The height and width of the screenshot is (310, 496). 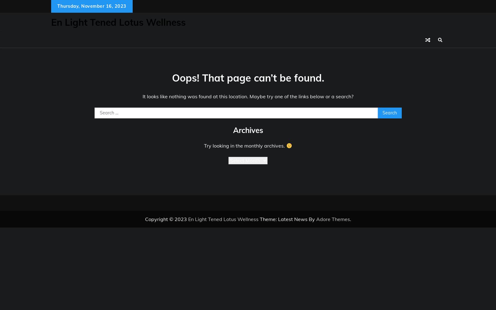 What do you see at coordinates (286, 219) in the screenshot?
I see `'Theme: Latest News By'` at bounding box center [286, 219].